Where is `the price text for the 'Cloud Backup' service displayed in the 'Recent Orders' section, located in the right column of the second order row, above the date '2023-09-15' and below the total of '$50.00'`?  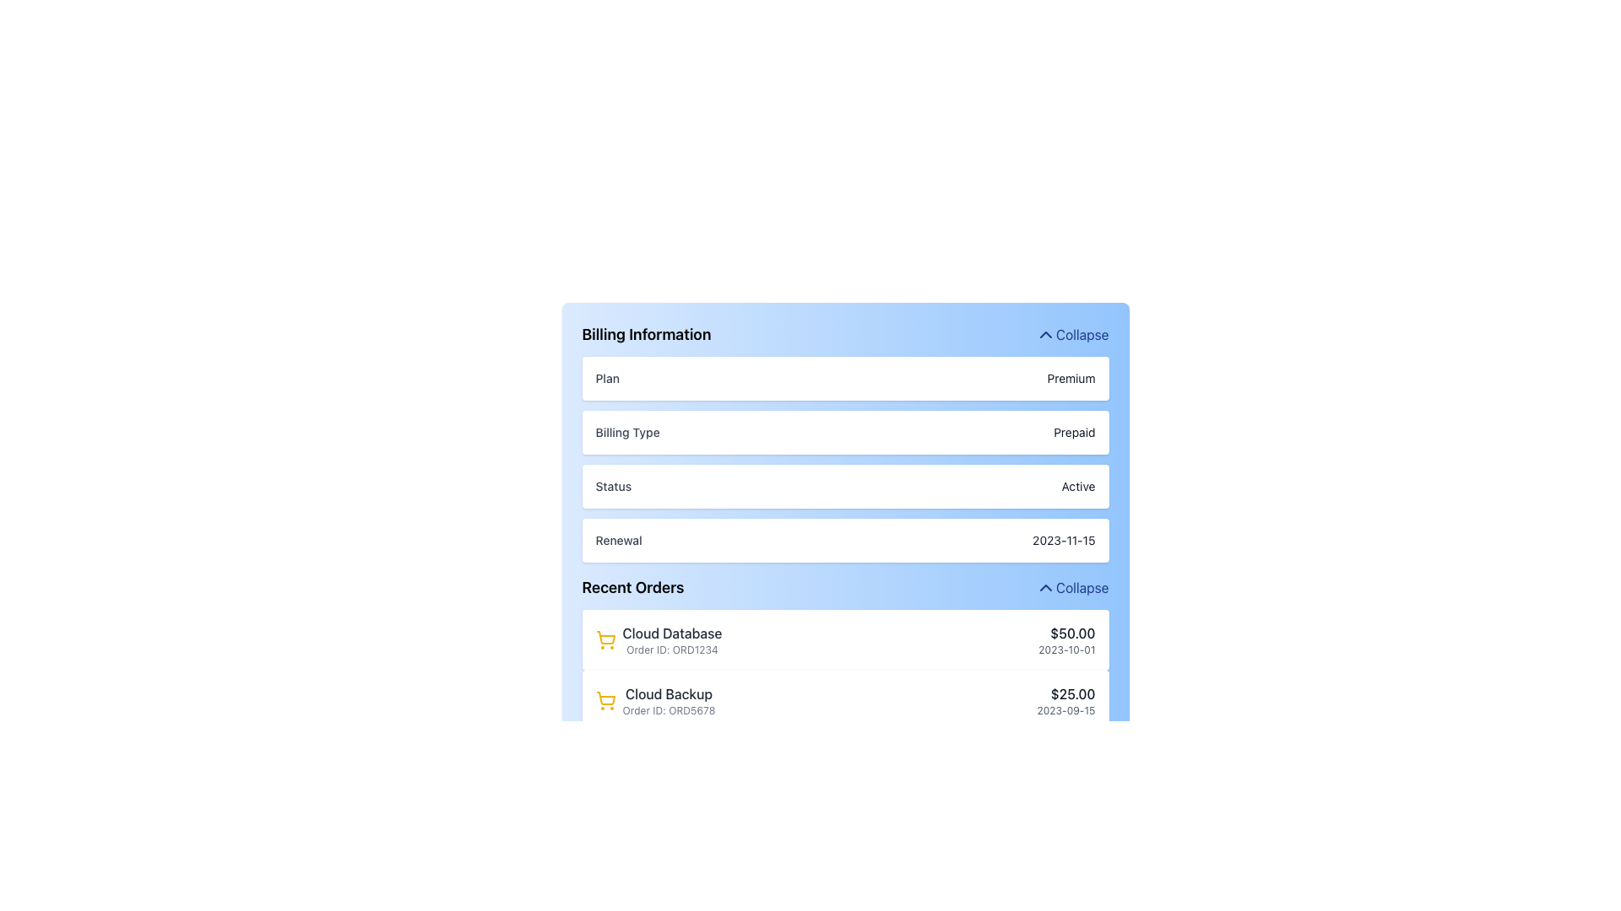
the price text for the 'Cloud Backup' service displayed in the 'Recent Orders' section, located in the right column of the second order row, above the date '2023-09-15' and below the total of '$50.00' is located at coordinates (1065, 693).